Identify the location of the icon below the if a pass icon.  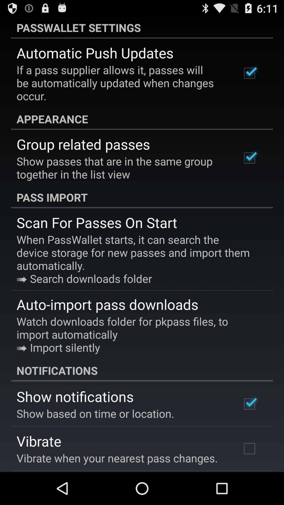
(142, 119).